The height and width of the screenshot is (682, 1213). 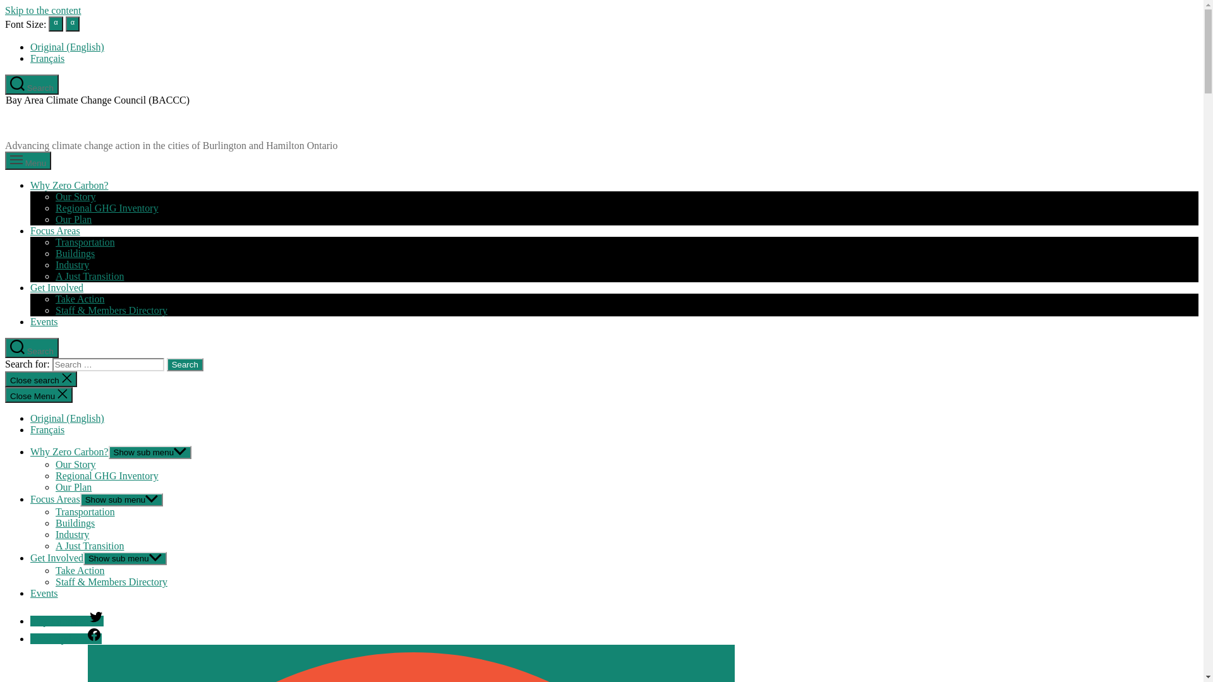 I want to click on 'Read Updates', so click(x=65, y=638).